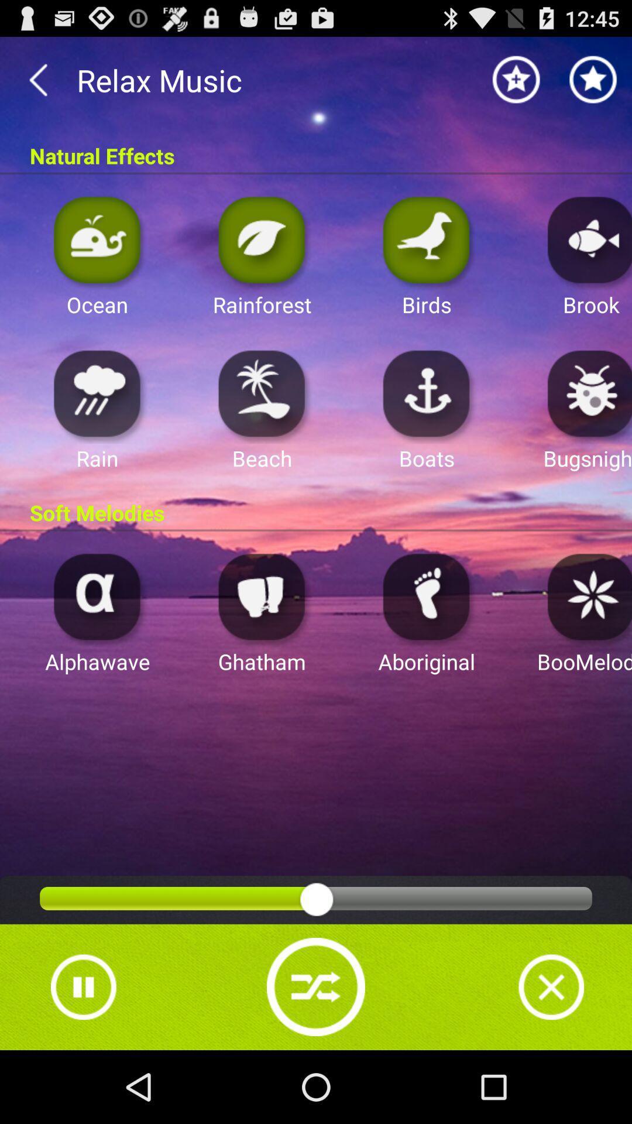 The width and height of the screenshot is (632, 1124). What do you see at coordinates (97, 638) in the screenshot?
I see `the photo icon` at bounding box center [97, 638].